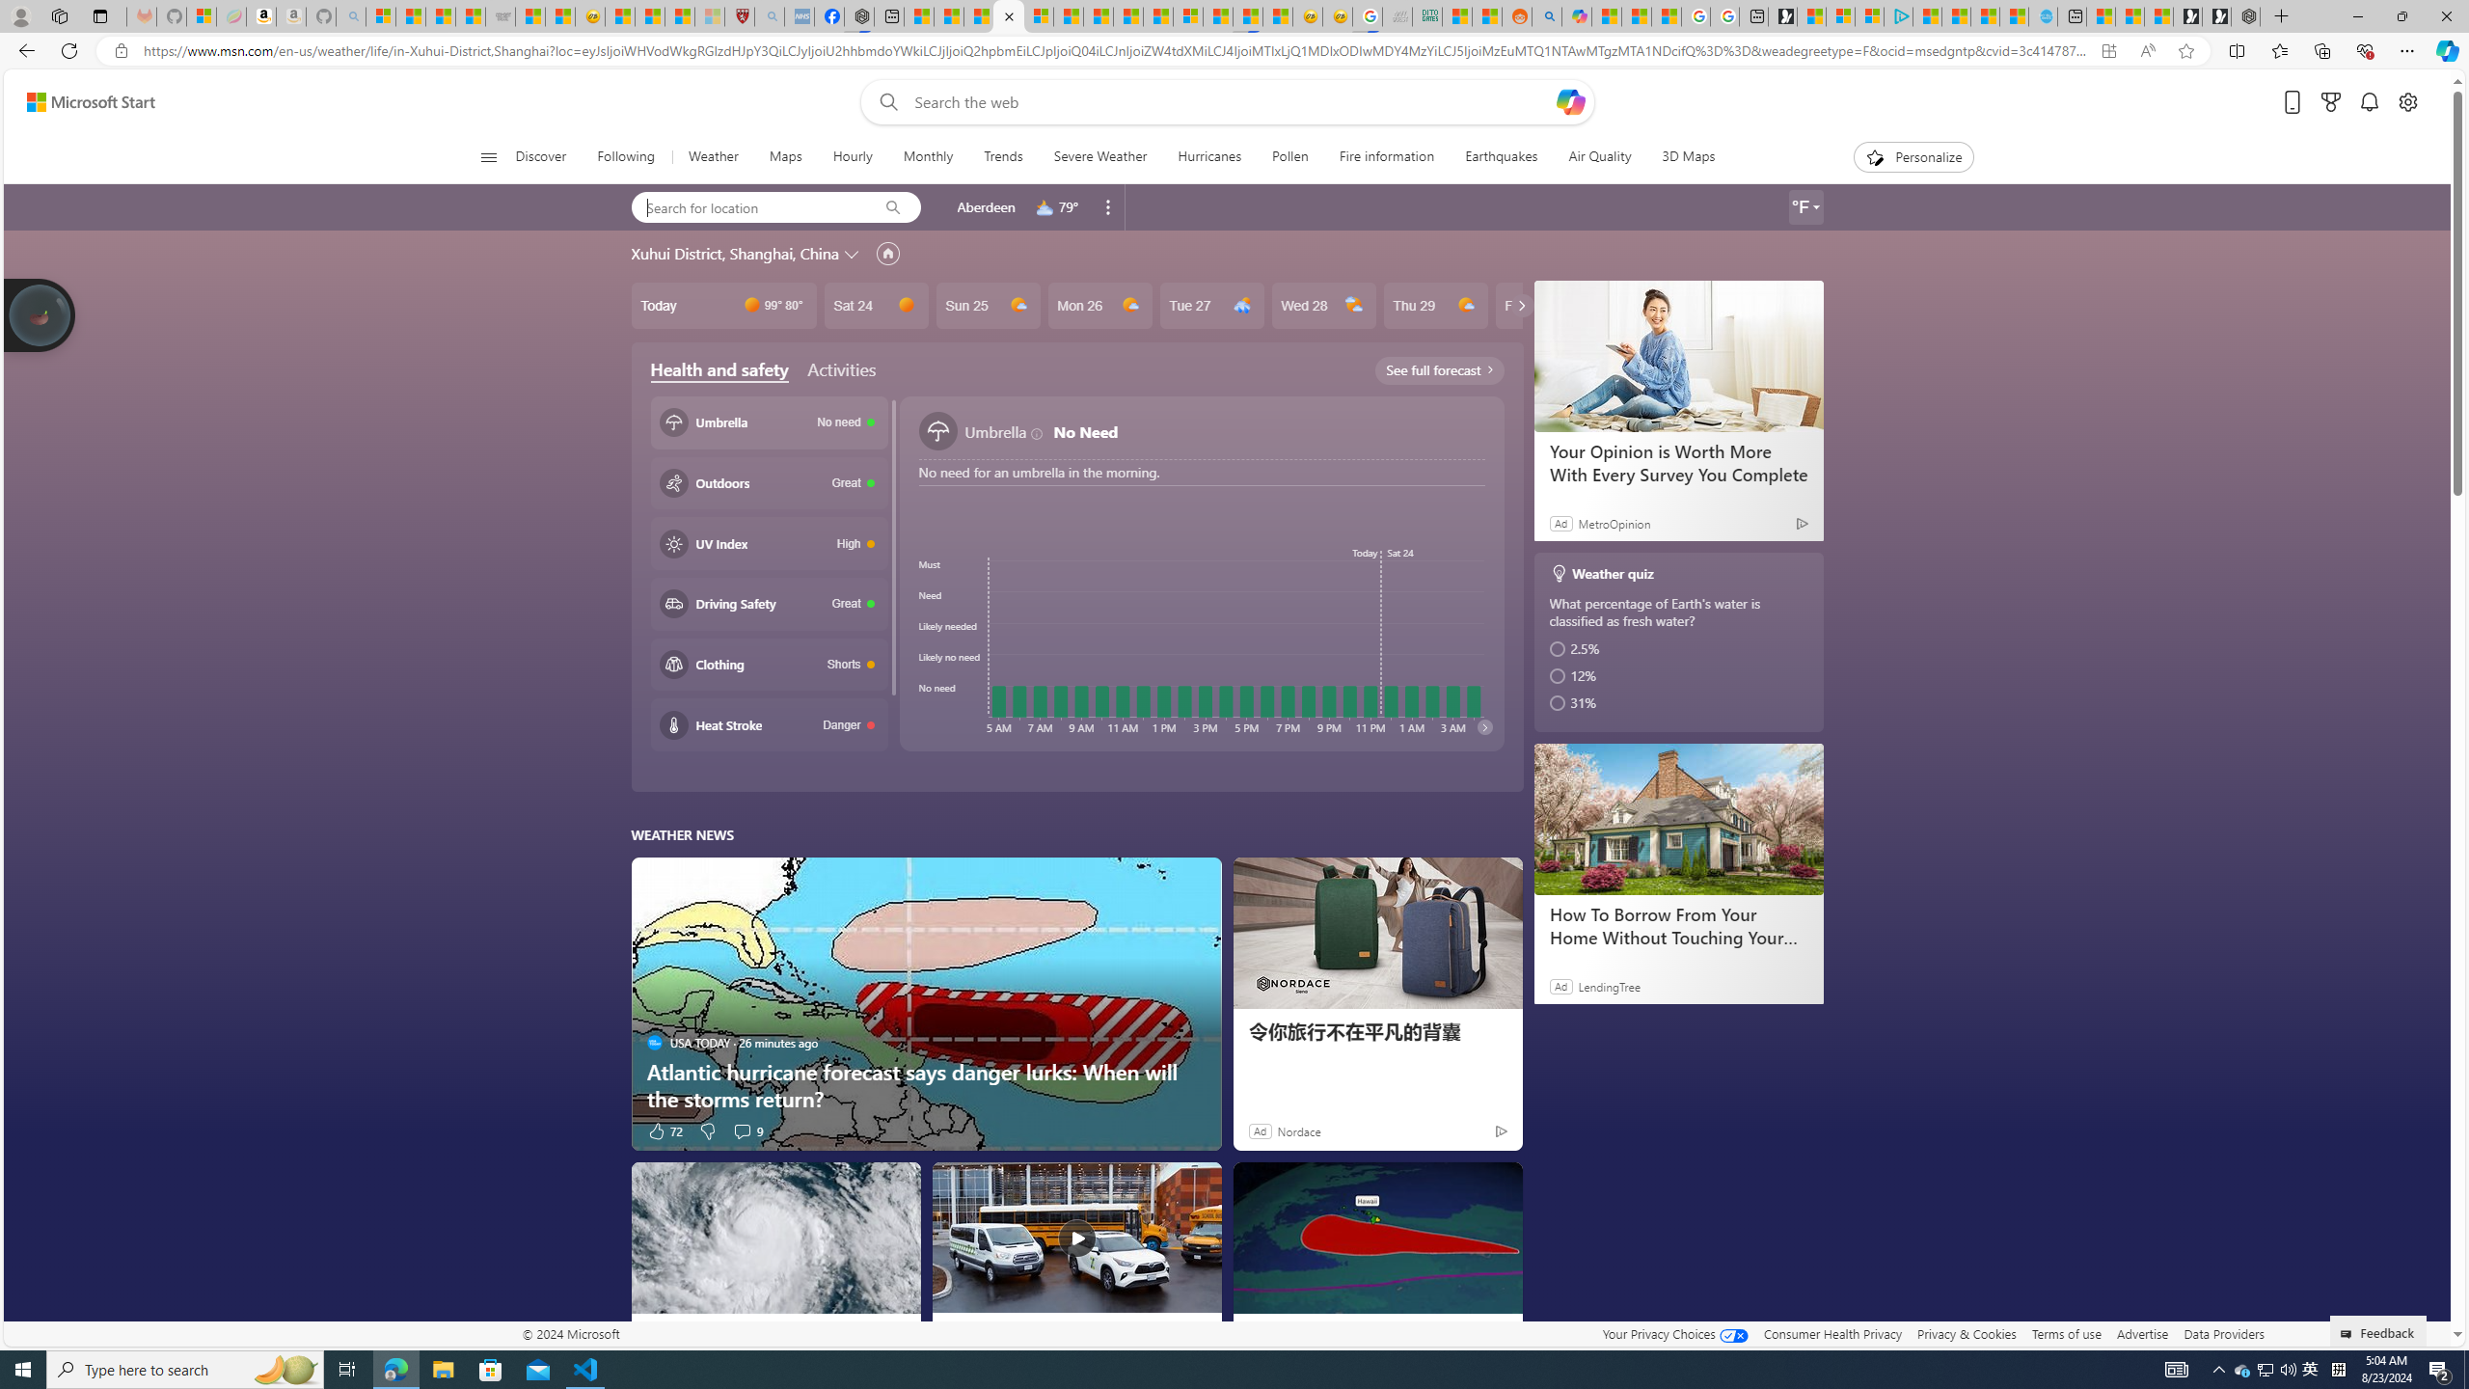 The image size is (2469, 1389). Describe the element at coordinates (2445, 15) in the screenshot. I see `'Close'` at that location.